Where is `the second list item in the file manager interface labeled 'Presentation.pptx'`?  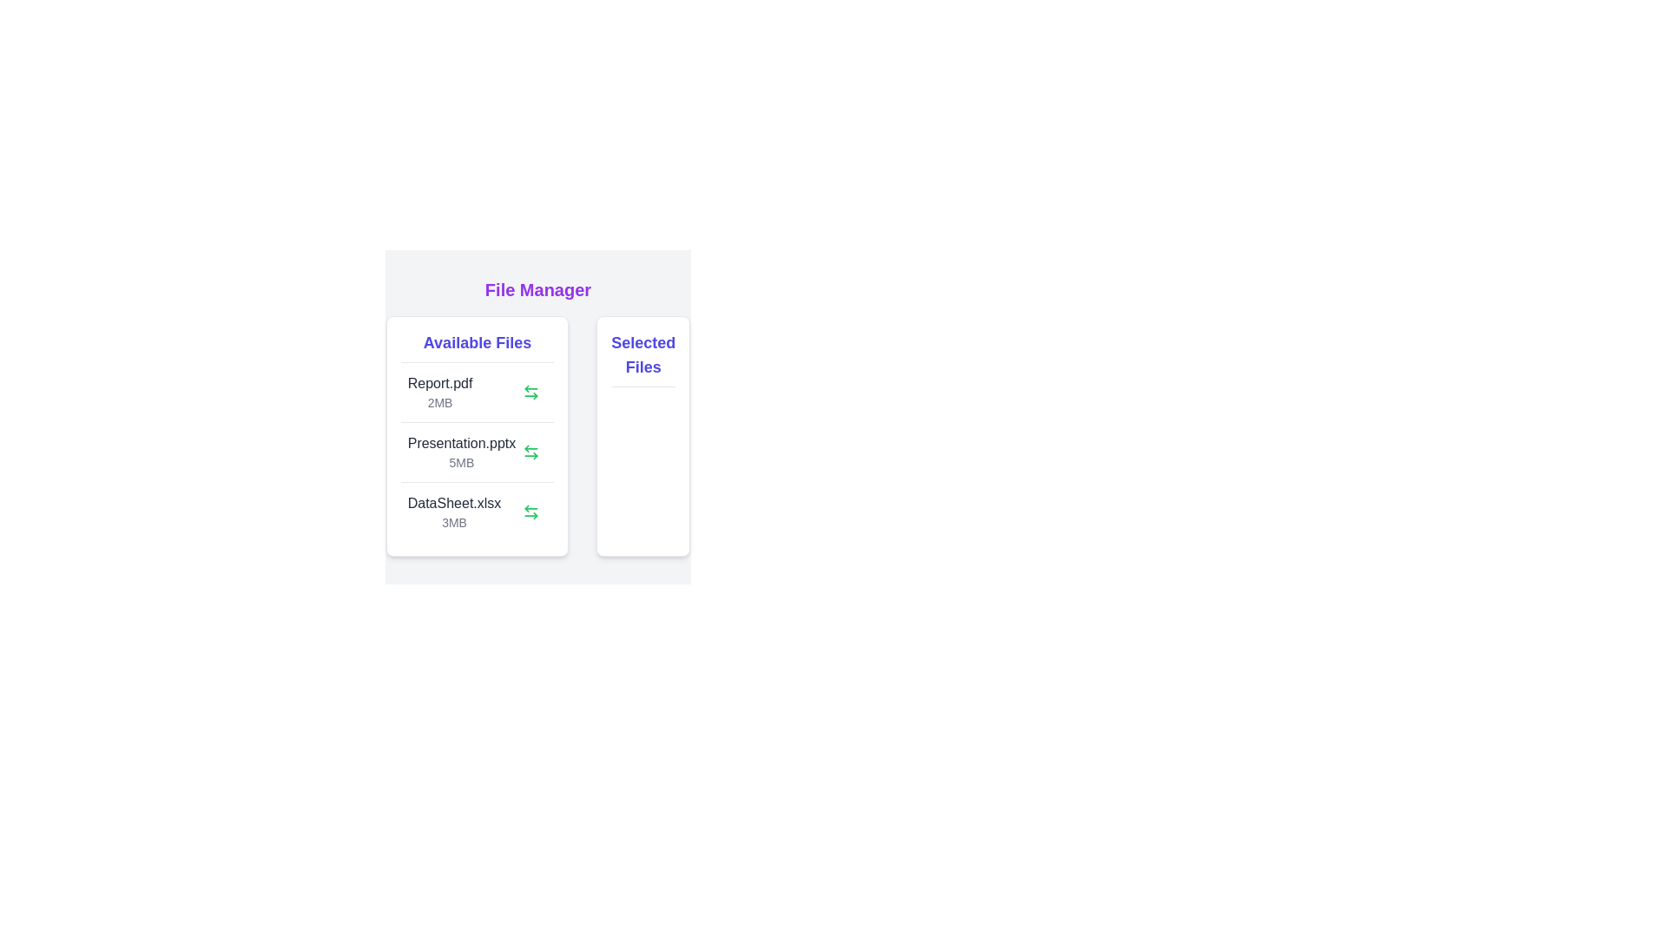 the second list item in the file manager interface labeled 'Presentation.pptx' is located at coordinates (477, 451).